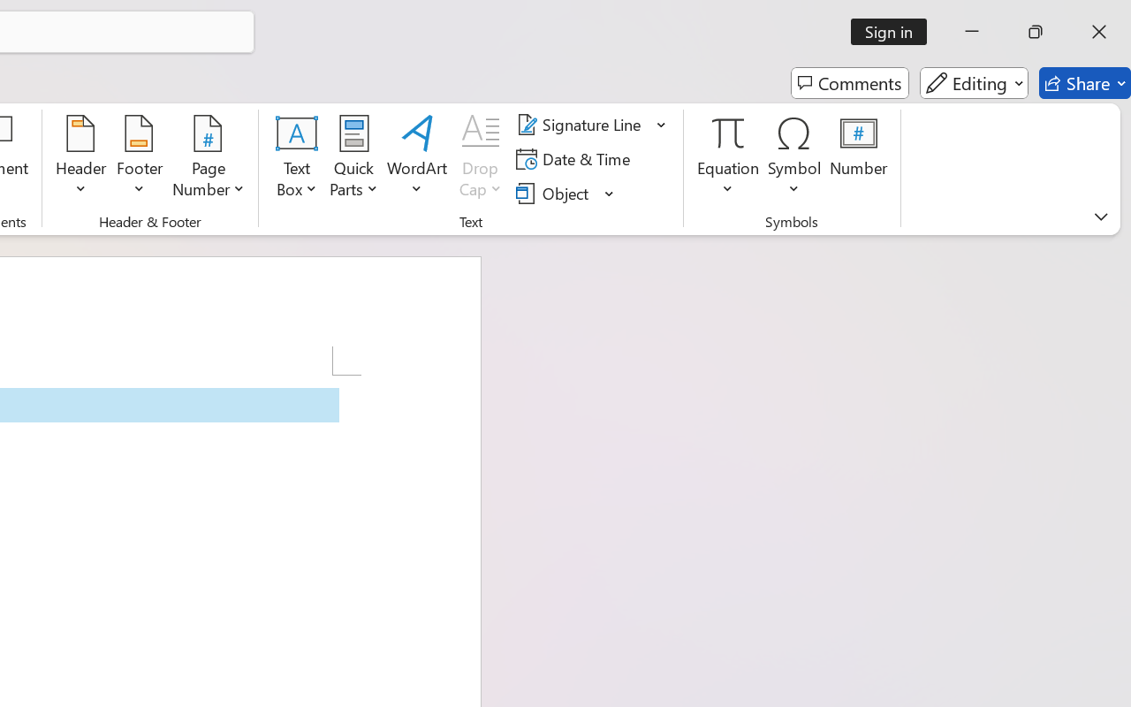 The image size is (1131, 707). Describe the element at coordinates (565, 193) in the screenshot. I see `'Object...'` at that location.